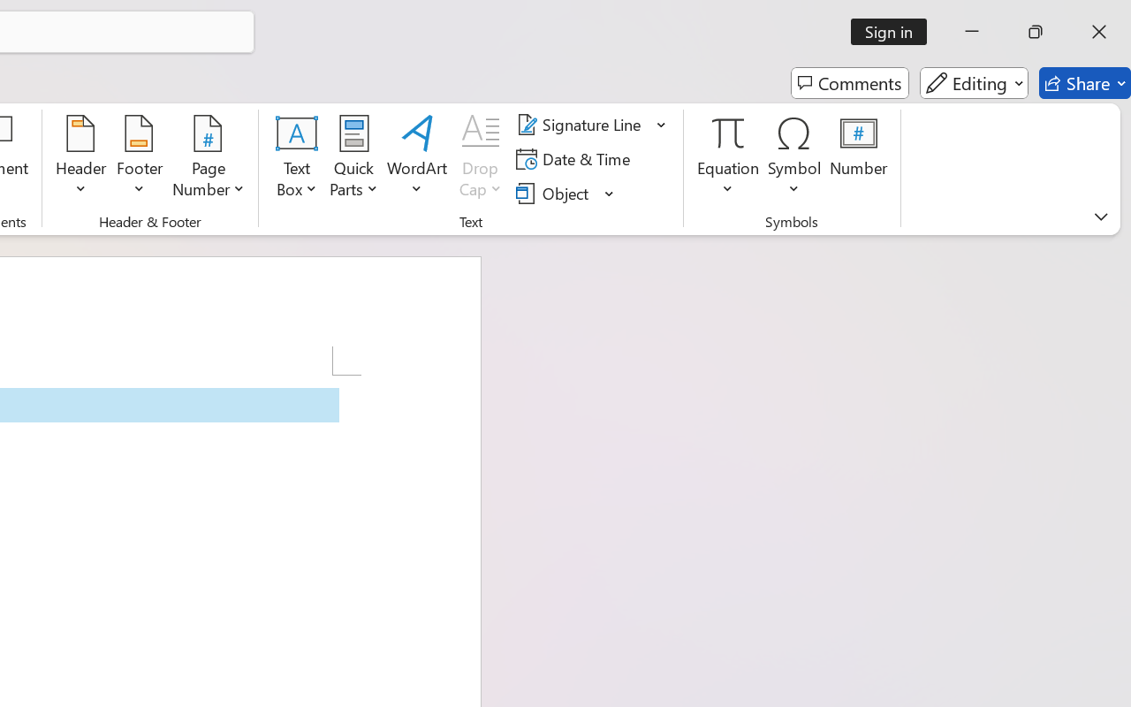 The image size is (1131, 707). Describe the element at coordinates (565, 193) in the screenshot. I see `'Object...'` at that location.